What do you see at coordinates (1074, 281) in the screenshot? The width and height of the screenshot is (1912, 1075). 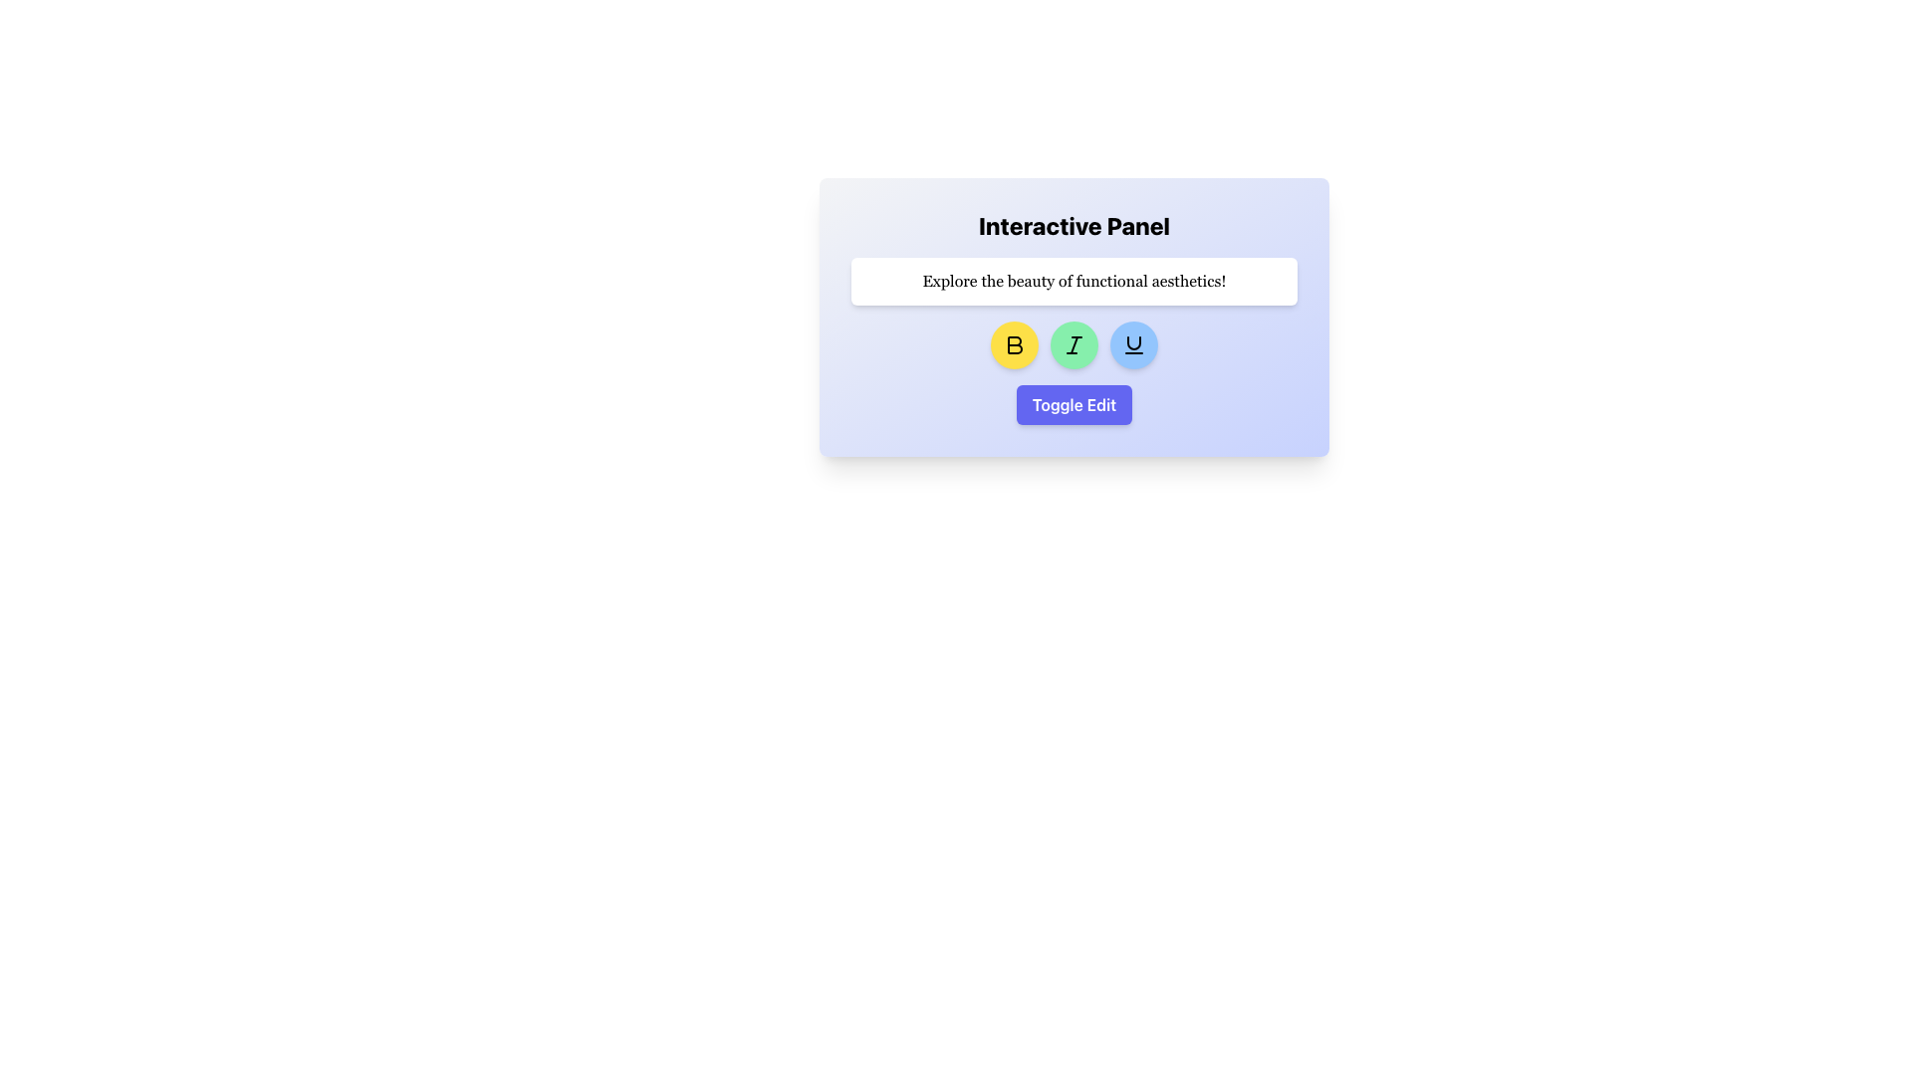 I see `the static text label located within the 'Interactive Panel', positioned directly below the heading and above a row of circular interactive buttons` at bounding box center [1074, 281].